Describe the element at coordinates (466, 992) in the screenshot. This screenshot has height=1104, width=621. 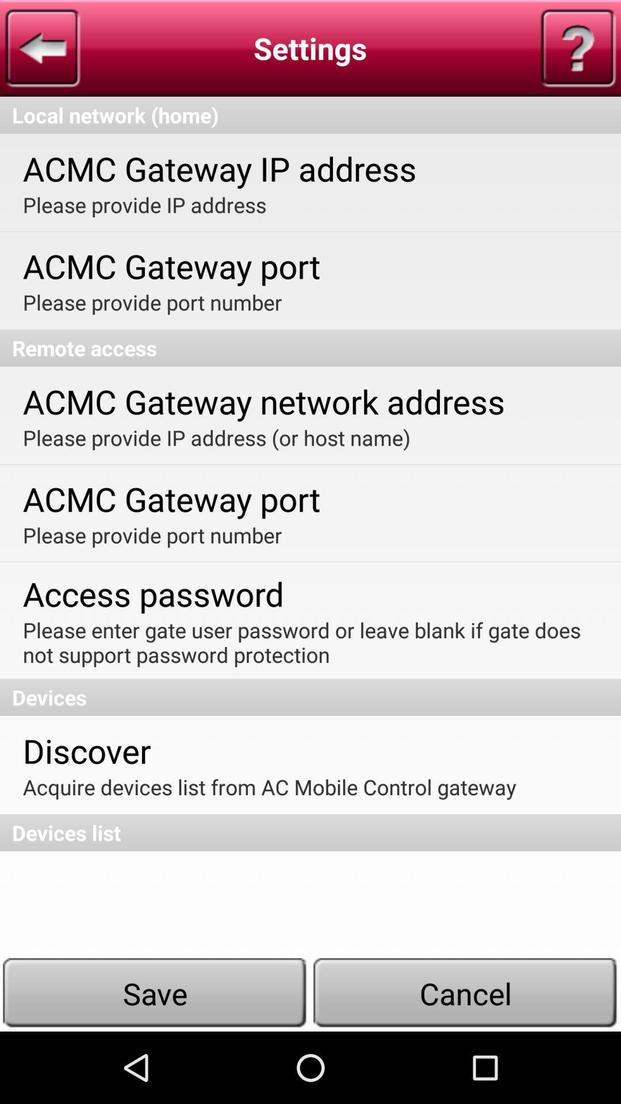
I see `item next to the save item` at that location.